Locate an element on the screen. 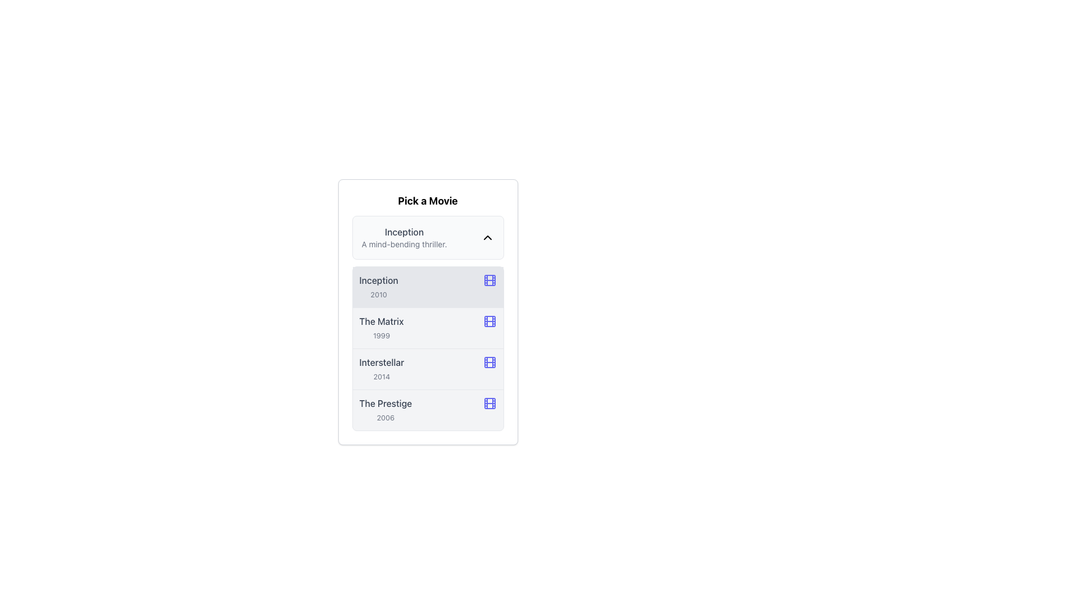 The image size is (1079, 607). the collapse/expand icon for the 'Inception' movie entry is located at coordinates (487, 237).